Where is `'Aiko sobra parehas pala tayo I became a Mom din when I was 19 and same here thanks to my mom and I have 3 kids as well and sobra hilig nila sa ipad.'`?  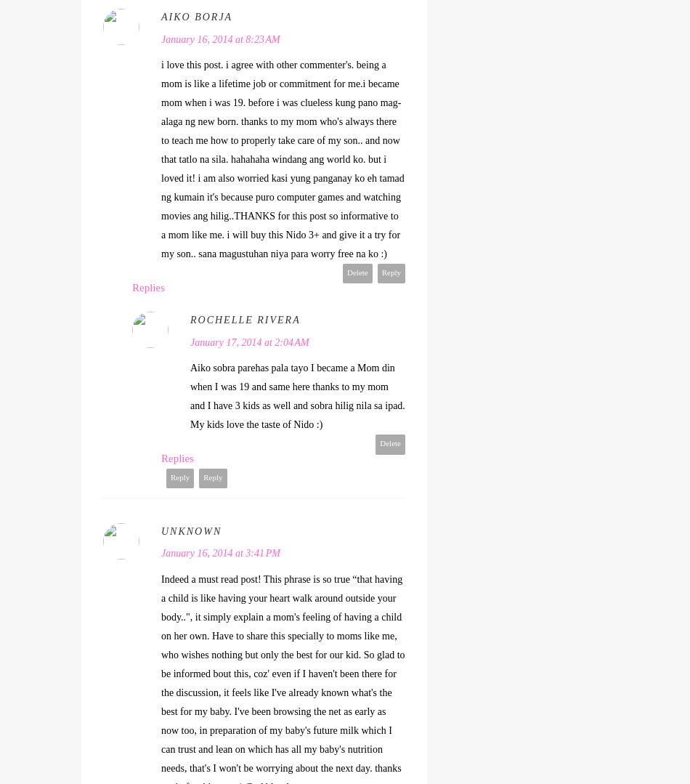 'Aiko sobra parehas pala tayo I became a Mom din when I was 19 and same here thanks to my mom and I have 3 kids as well and sobra hilig nila sa ipad.' is located at coordinates (296, 387).